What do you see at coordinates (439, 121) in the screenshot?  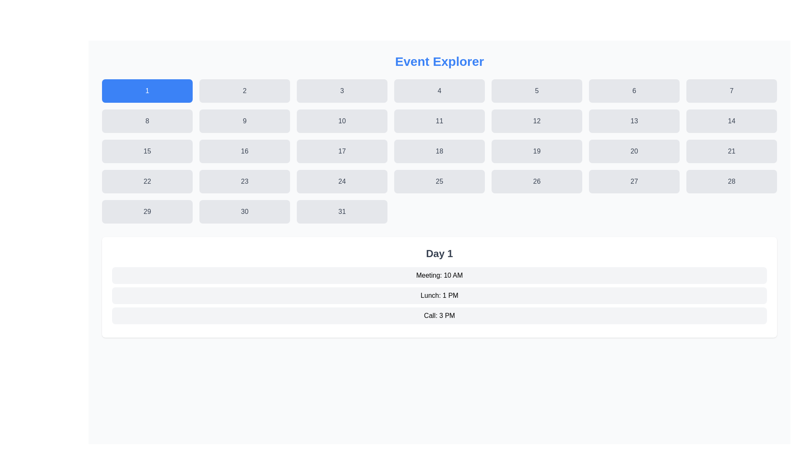 I see `the button representing the 11th day in the 'Event Explorer' calendar interface` at bounding box center [439, 121].